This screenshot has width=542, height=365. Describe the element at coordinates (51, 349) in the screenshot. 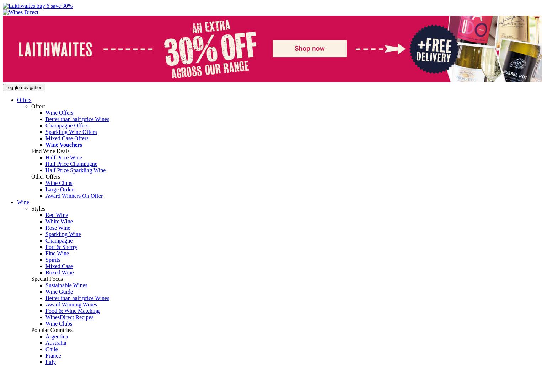

I see `'Chile'` at that location.